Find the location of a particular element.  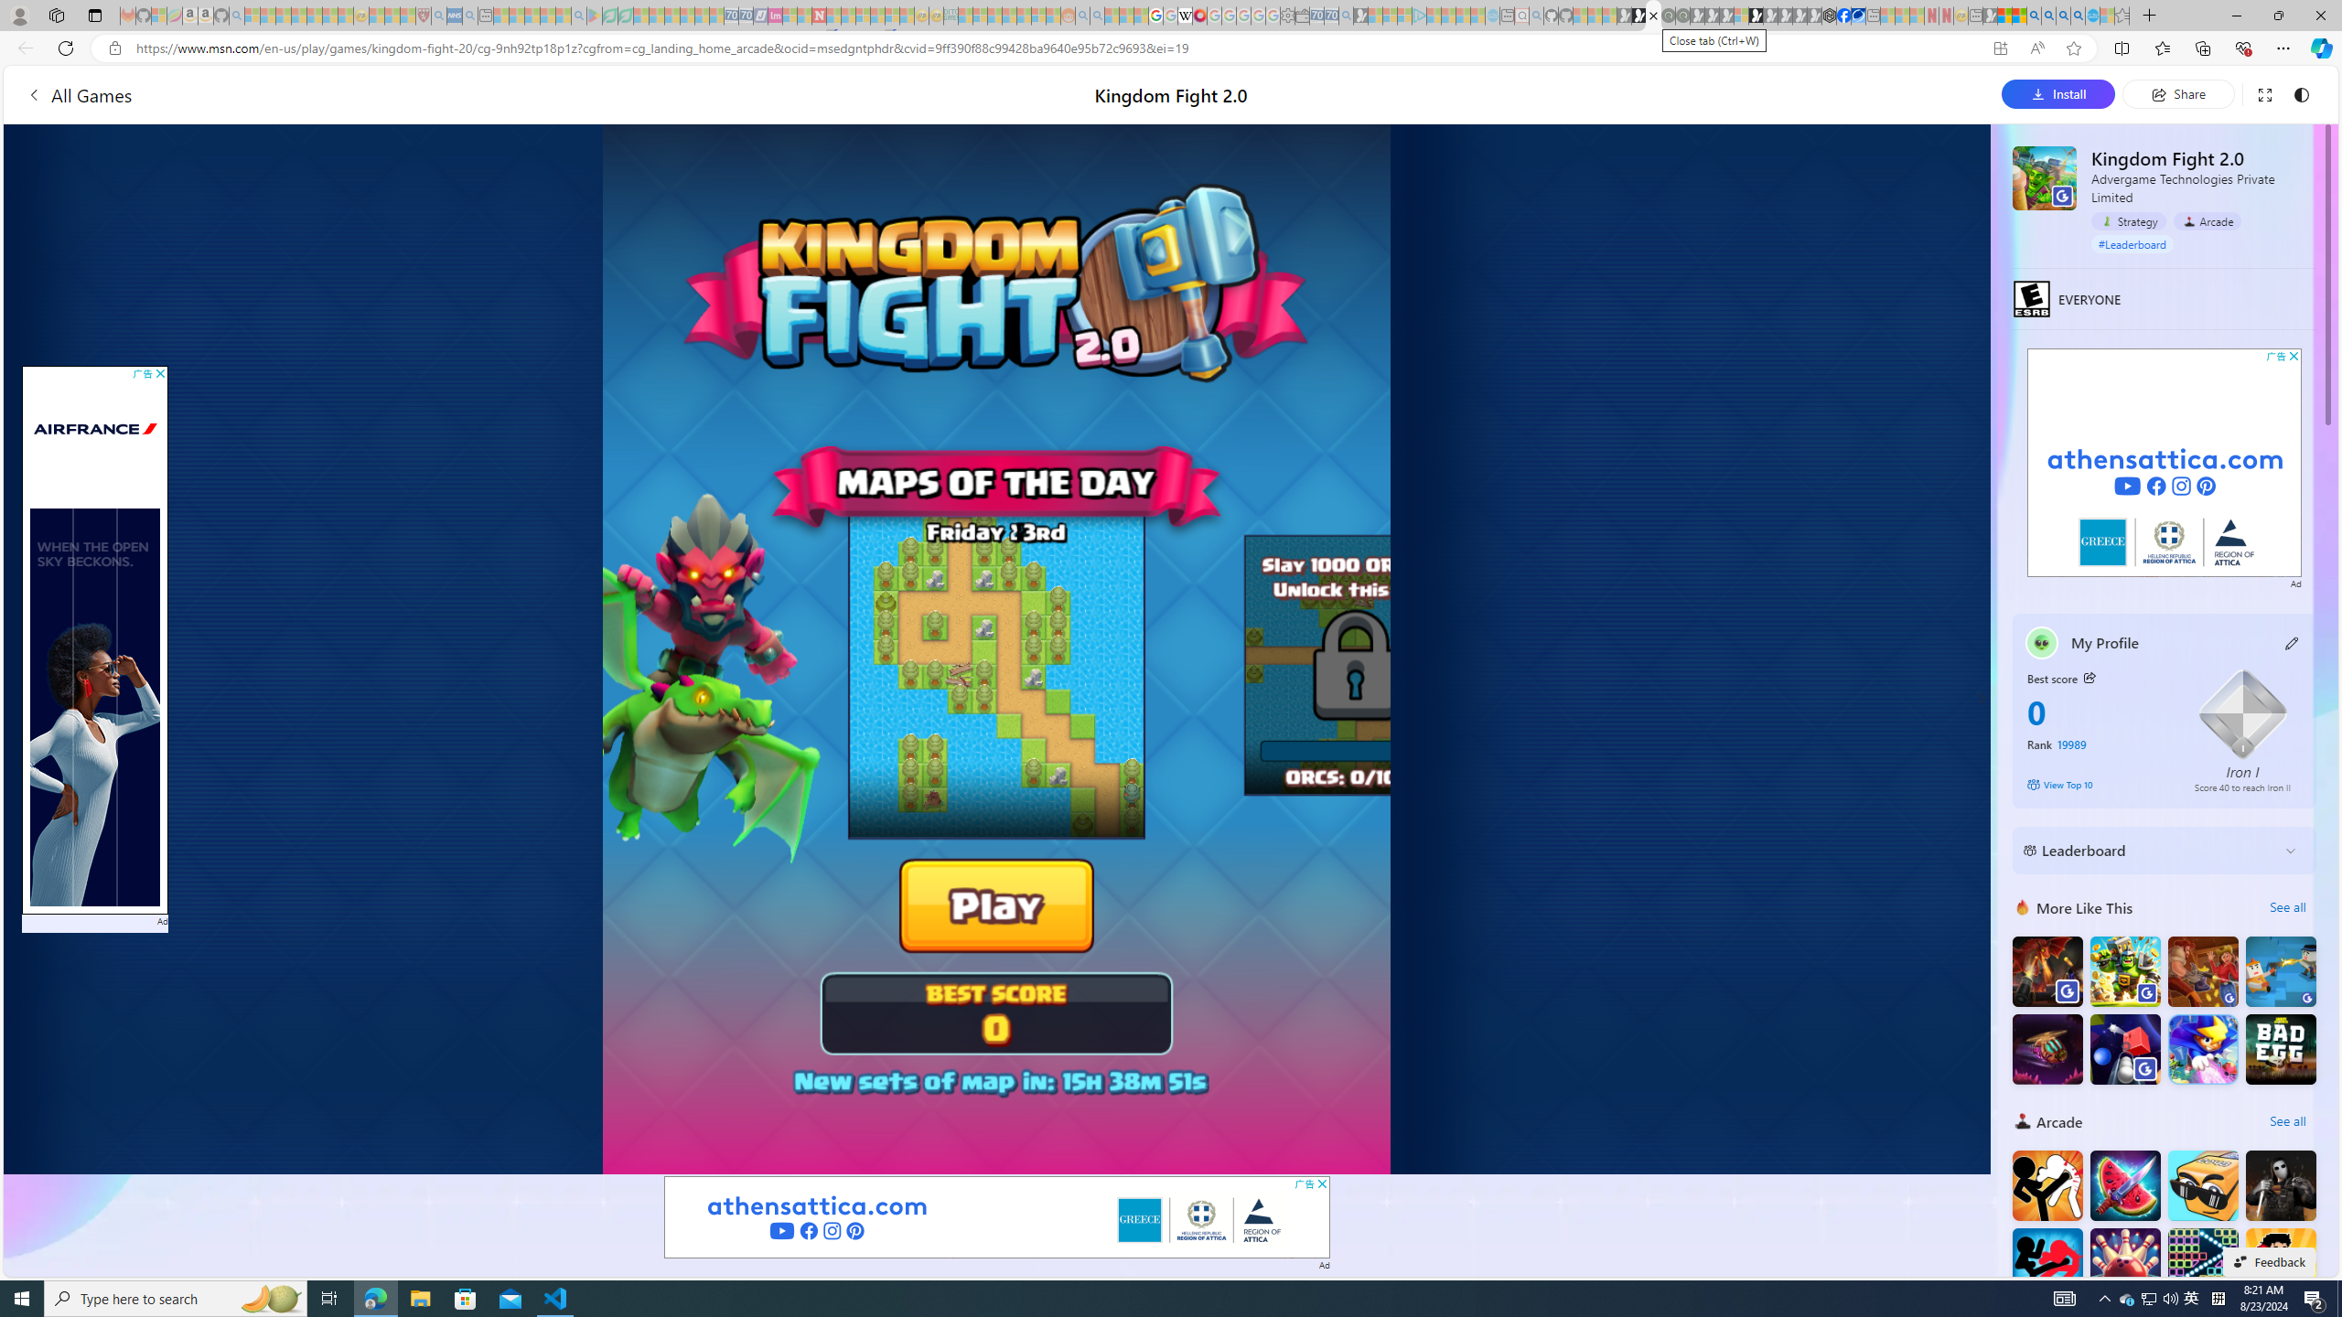

'View Top 10' is located at coordinates (2100, 784).